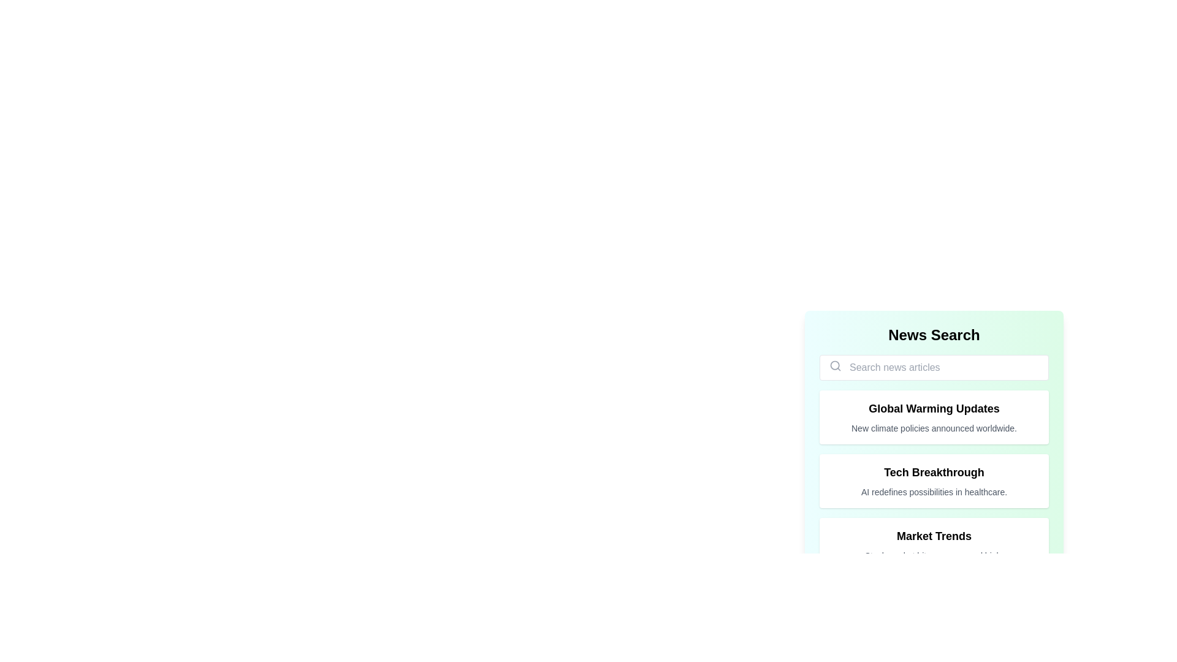 This screenshot has height=662, width=1177. Describe the element at coordinates (834, 365) in the screenshot. I see `the circular magnifying glass icon located inside the search box labeled 'News Search'` at that location.